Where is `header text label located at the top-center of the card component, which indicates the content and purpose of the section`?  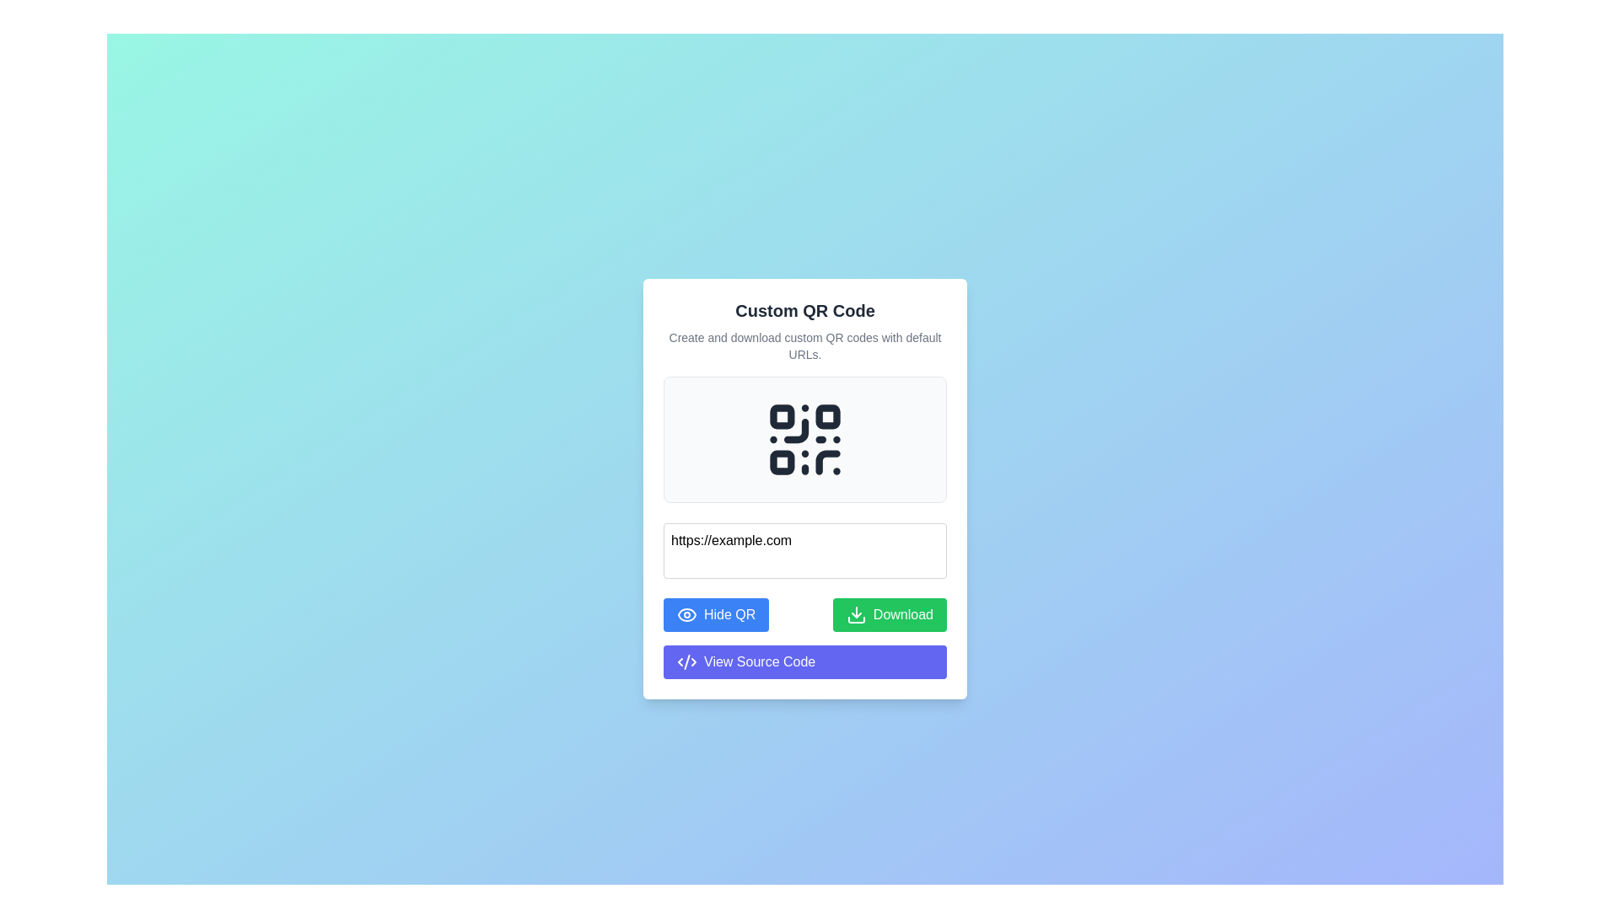
header text label located at the top-center of the card component, which indicates the content and purpose of the section is located at coordinates (804, 310).